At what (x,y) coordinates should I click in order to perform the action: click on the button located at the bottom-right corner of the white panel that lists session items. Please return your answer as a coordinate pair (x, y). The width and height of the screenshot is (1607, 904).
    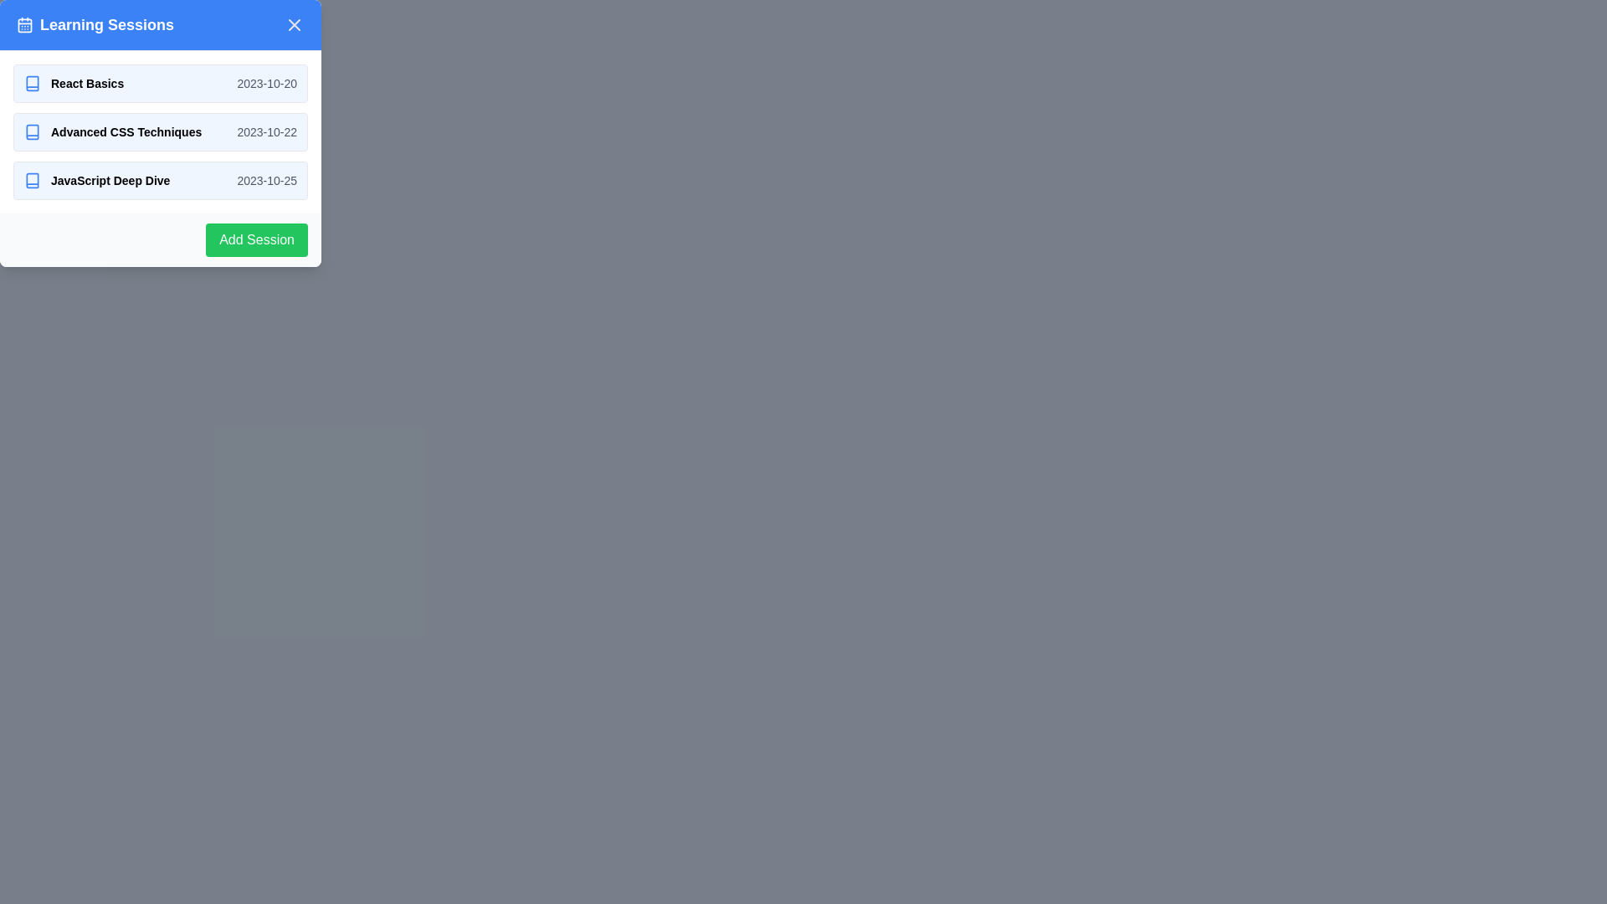
    Looking at the image, I should click on (256, 239).